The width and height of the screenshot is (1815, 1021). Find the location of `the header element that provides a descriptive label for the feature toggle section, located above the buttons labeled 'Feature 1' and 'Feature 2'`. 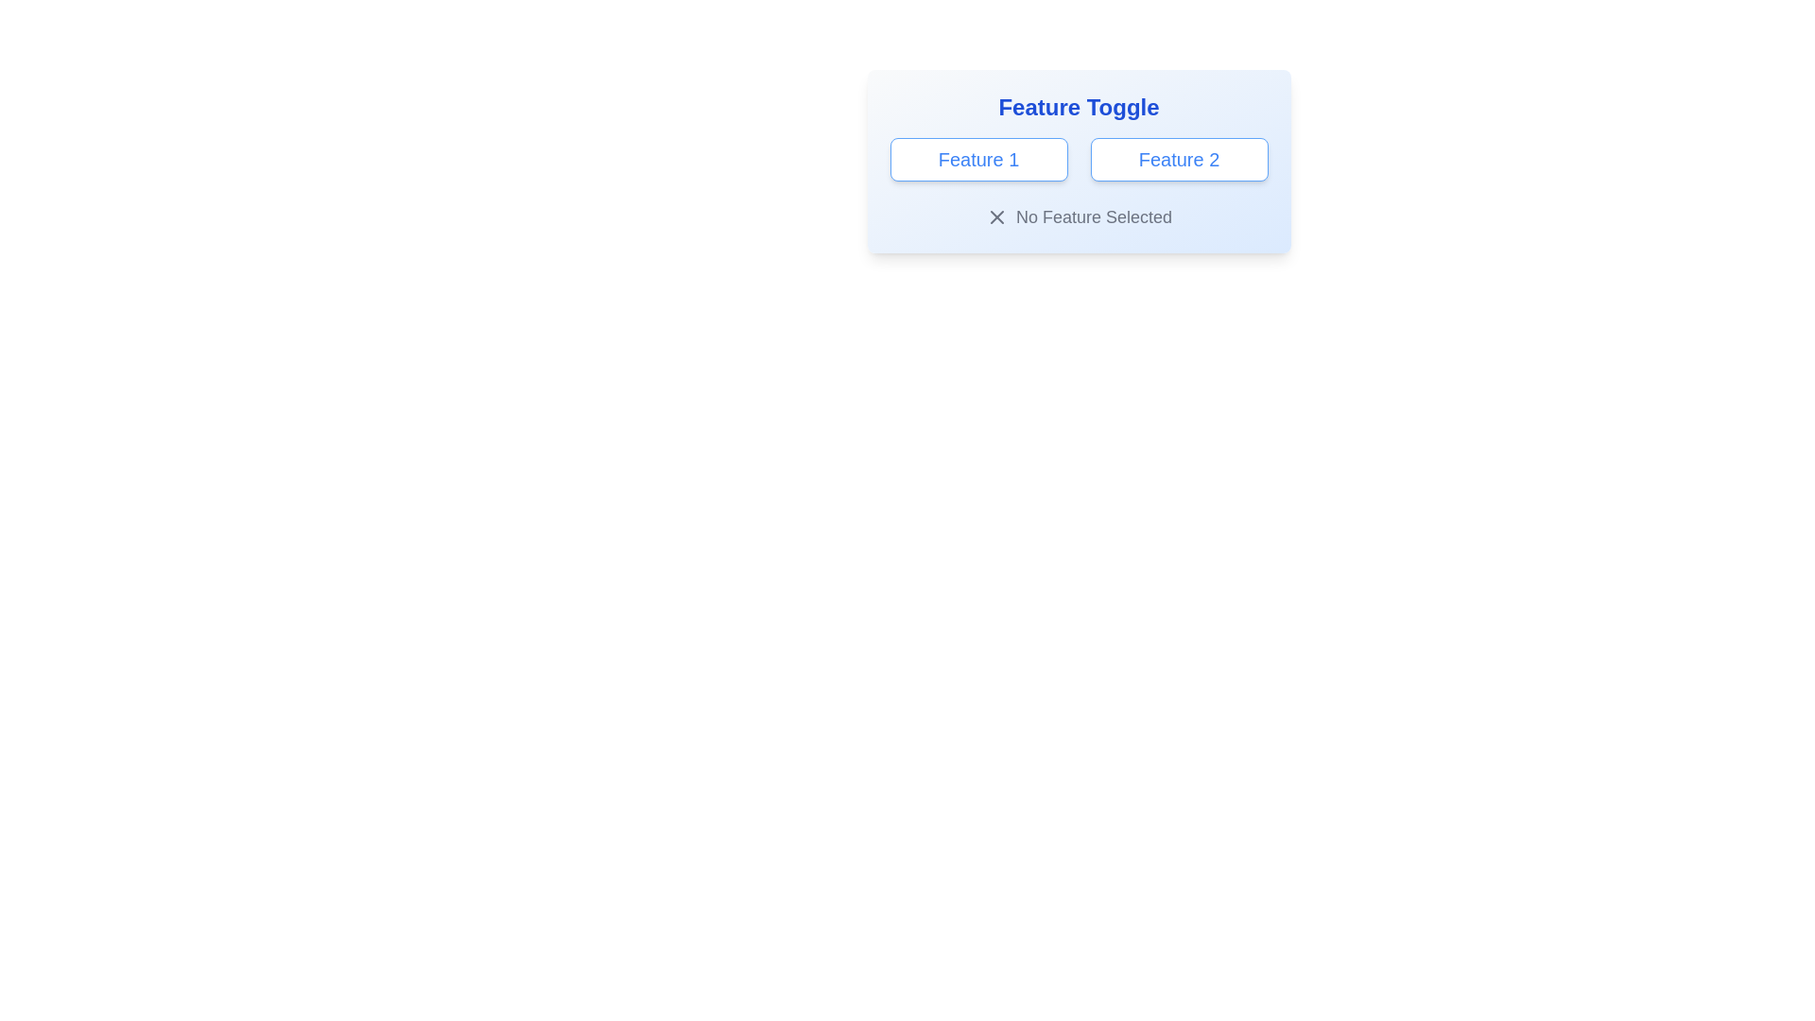

the header element that provides a descriptive label for the feature toggle section, located above the buttons labeled 'Feature 1' and 'Feature 2' is located at coordinates (1079, 108).